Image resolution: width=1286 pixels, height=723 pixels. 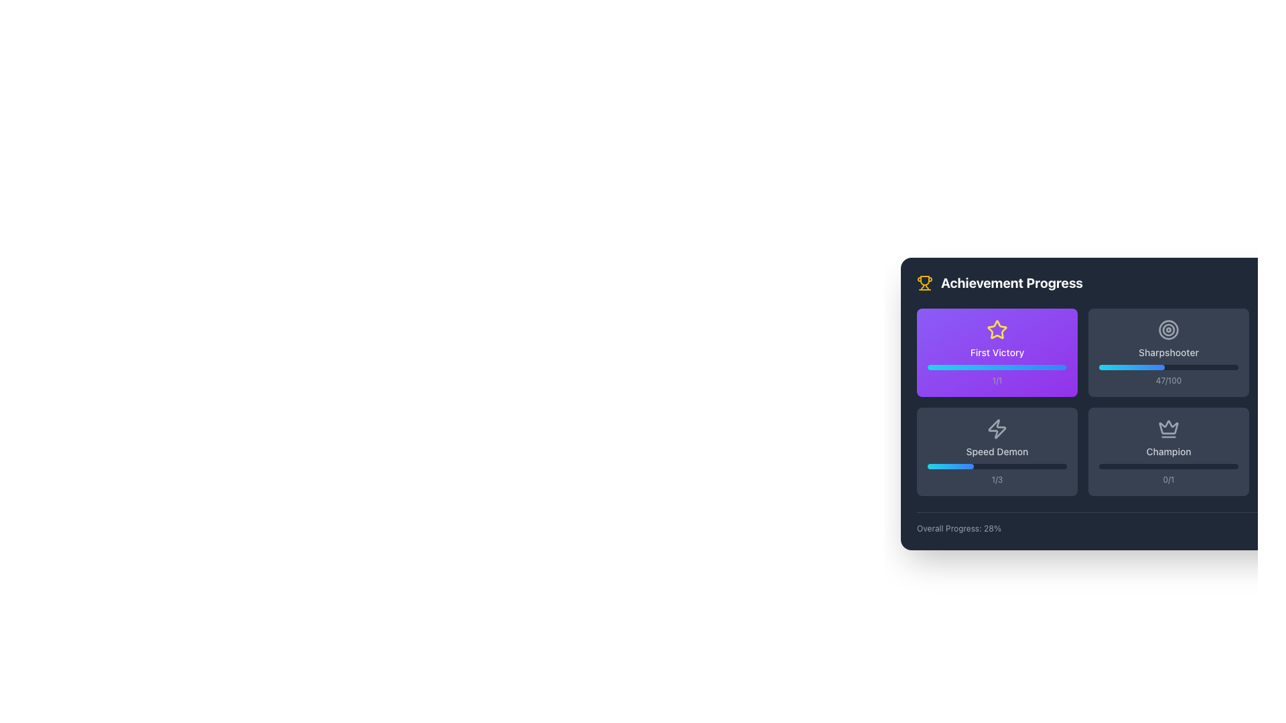 What do you see at coordinates (1168, 428) in the screenshot?
I see `the minimalist crown icon located in the bottom-right corner of the achievement progress section, above the 'Champion' label` at bounding box center [1168, 428].